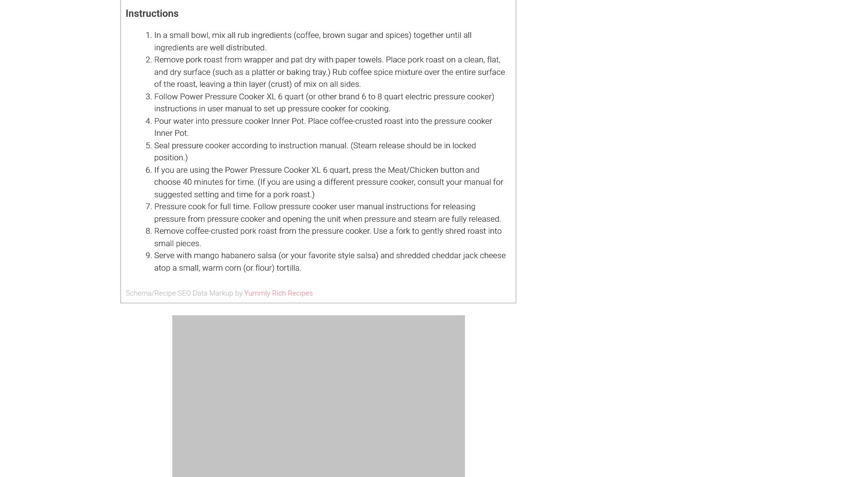 The height and width of the screenshot is (477, 843). Describe the element at coordinates (314, 151) in the screenshot. I see `'Seal pressure cooker according to instruction manual. (Steam release should be in locked position.)'` at that location.